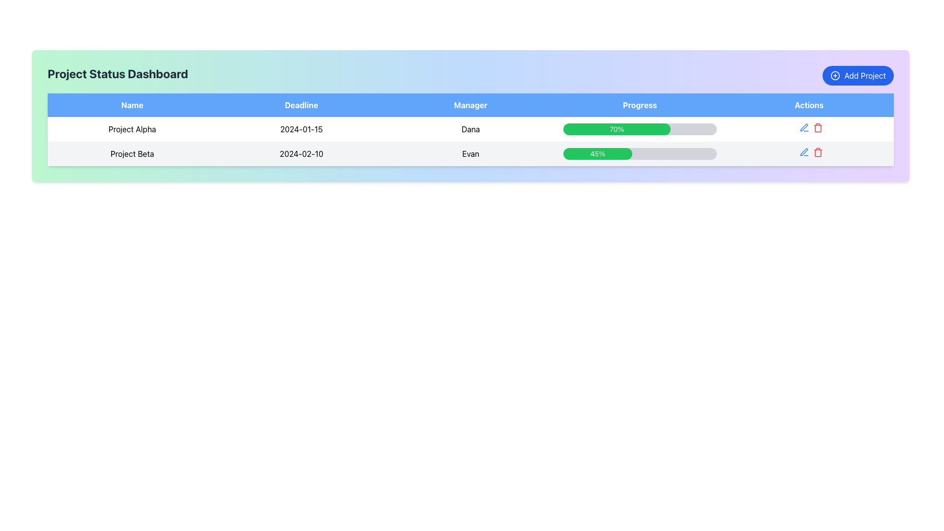 The height and width of the screenshot is (531, 944). What do you see at coordinates (616, 128) in the screenshot?
I see `the Progress Bar located in the 'Progress' column of the first row in the dashboard table, which indicates 70% completion` at bounding box center [616, 128].